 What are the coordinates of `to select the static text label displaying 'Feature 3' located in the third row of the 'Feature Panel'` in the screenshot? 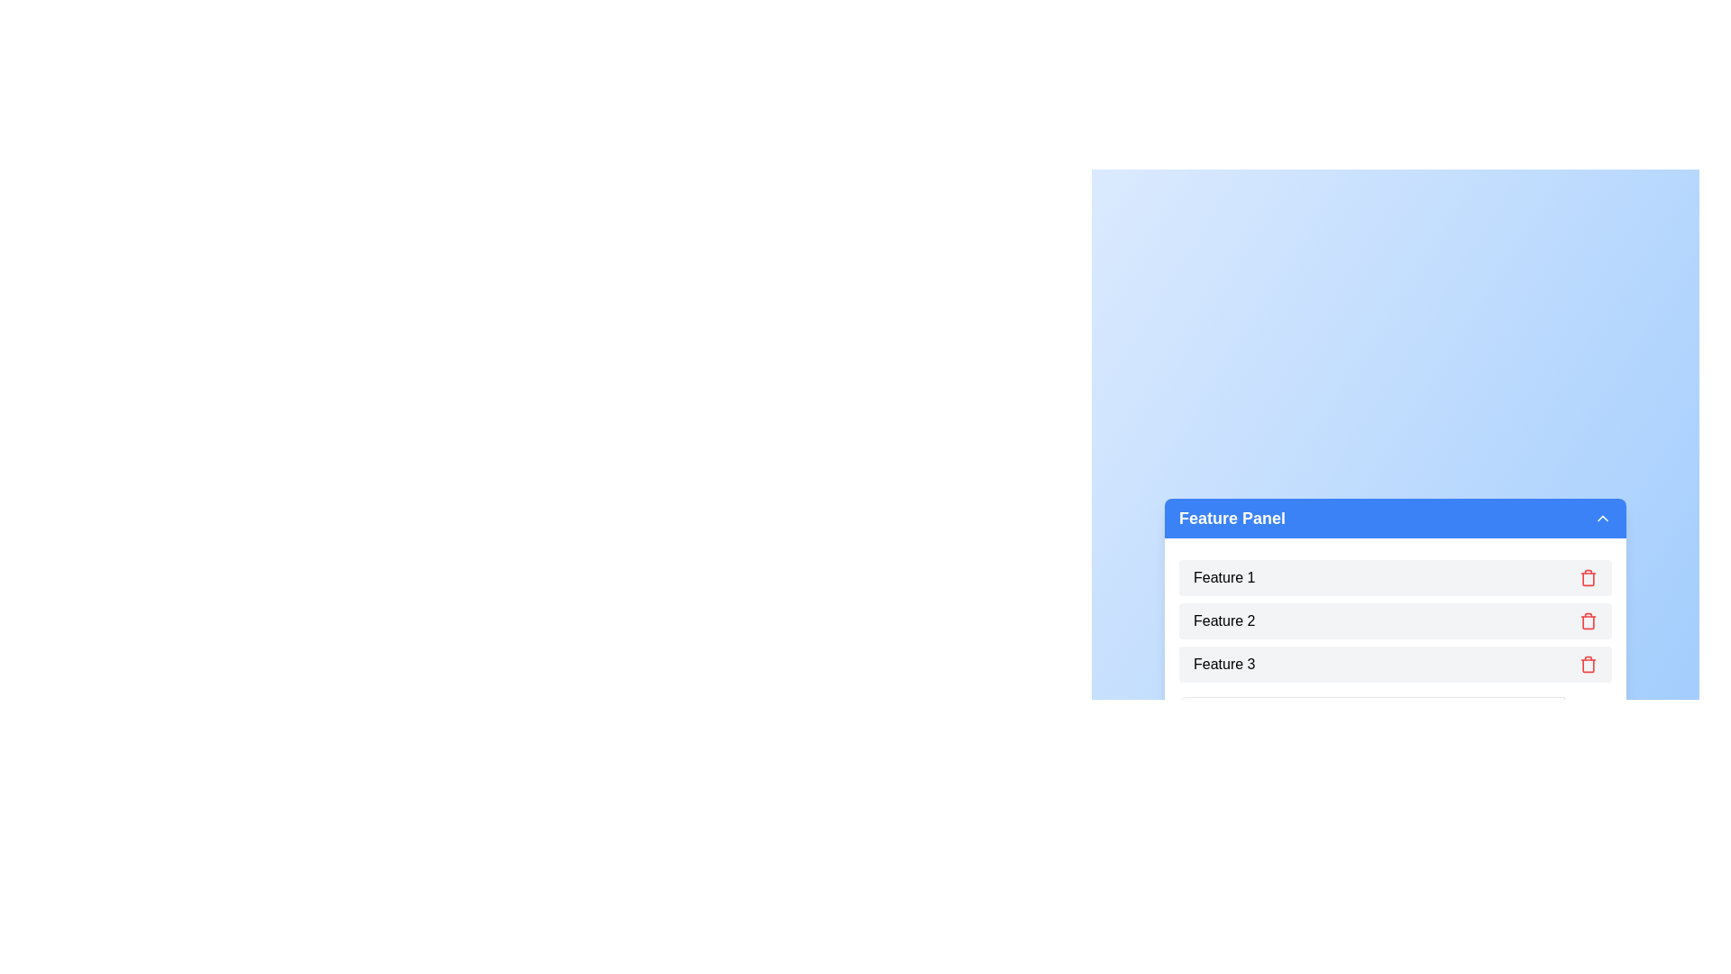 It's located at (1224, 664).